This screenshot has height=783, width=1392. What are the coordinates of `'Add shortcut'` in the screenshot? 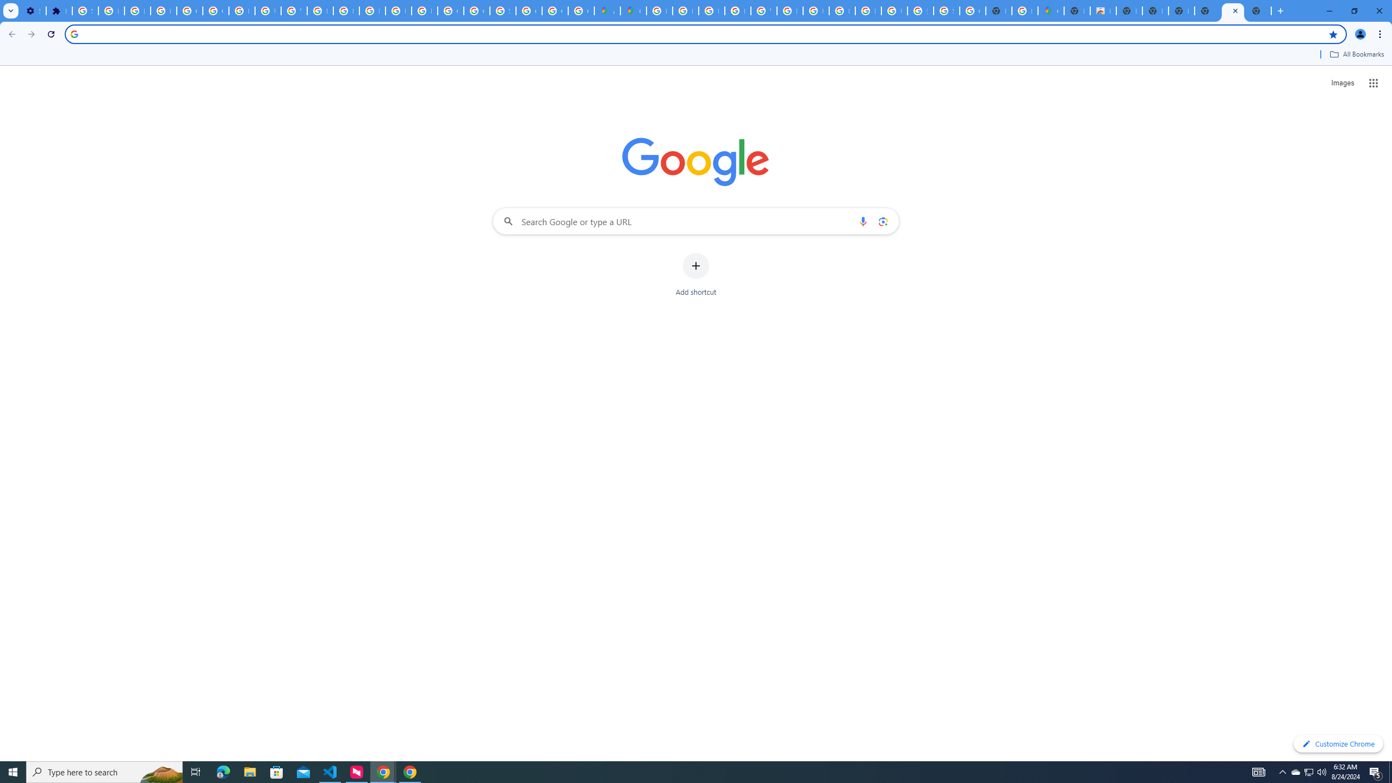 It's located at (696, 275).